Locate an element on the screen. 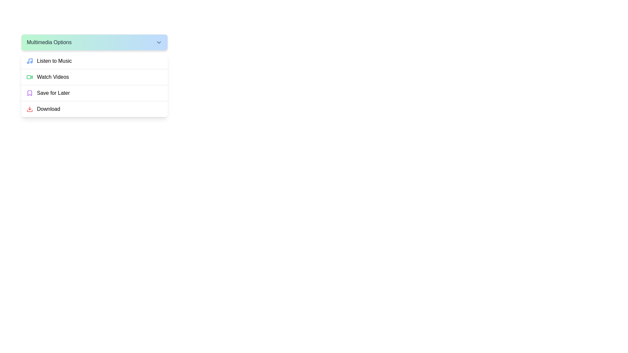 The height and width of the screenshot is (353, 628). the 'Multimedia Options' static text label element, which is displayed in dark gray on a blue-to-green gradient background, located towards the top-left corner of the dropdown menu header is located at coordinates (49, 42).